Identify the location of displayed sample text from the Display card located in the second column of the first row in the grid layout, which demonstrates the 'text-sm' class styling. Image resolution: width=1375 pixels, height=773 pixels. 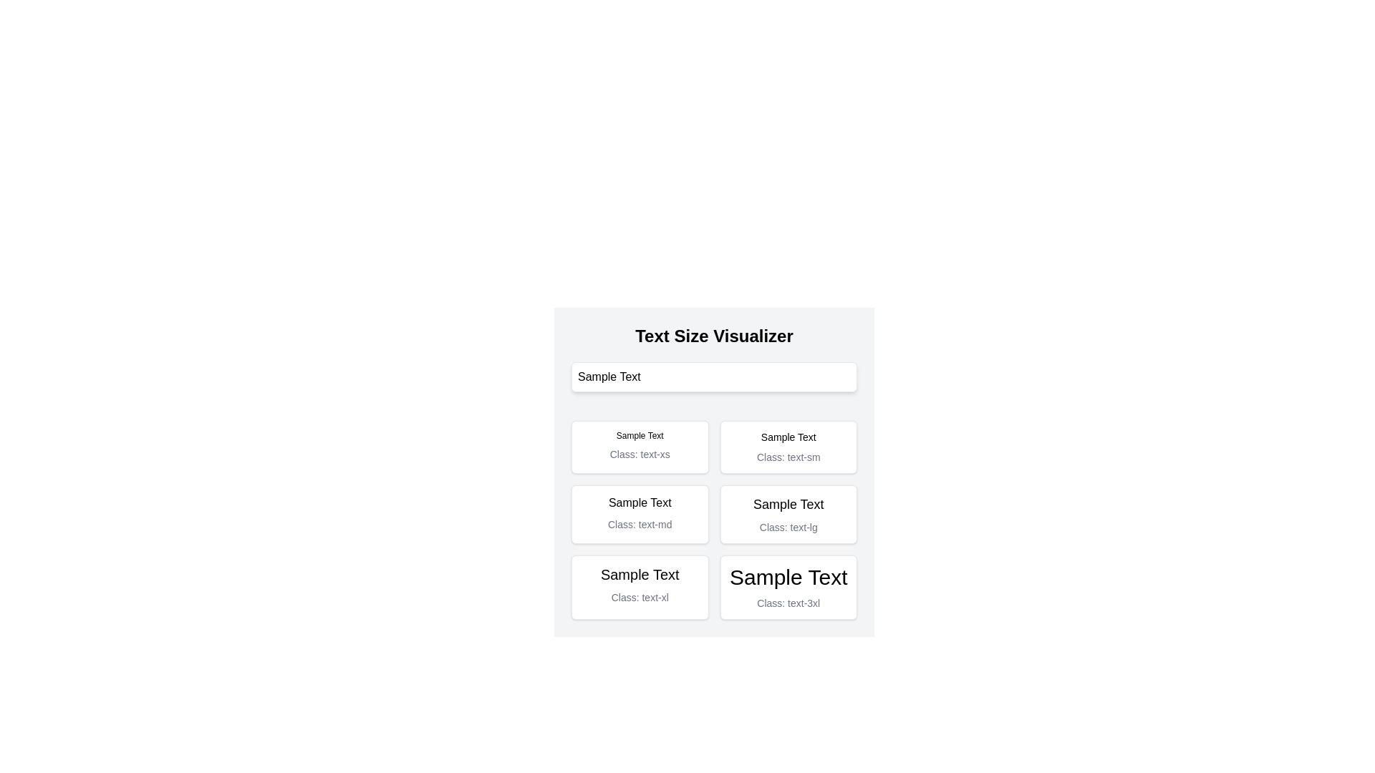
(788, 446).